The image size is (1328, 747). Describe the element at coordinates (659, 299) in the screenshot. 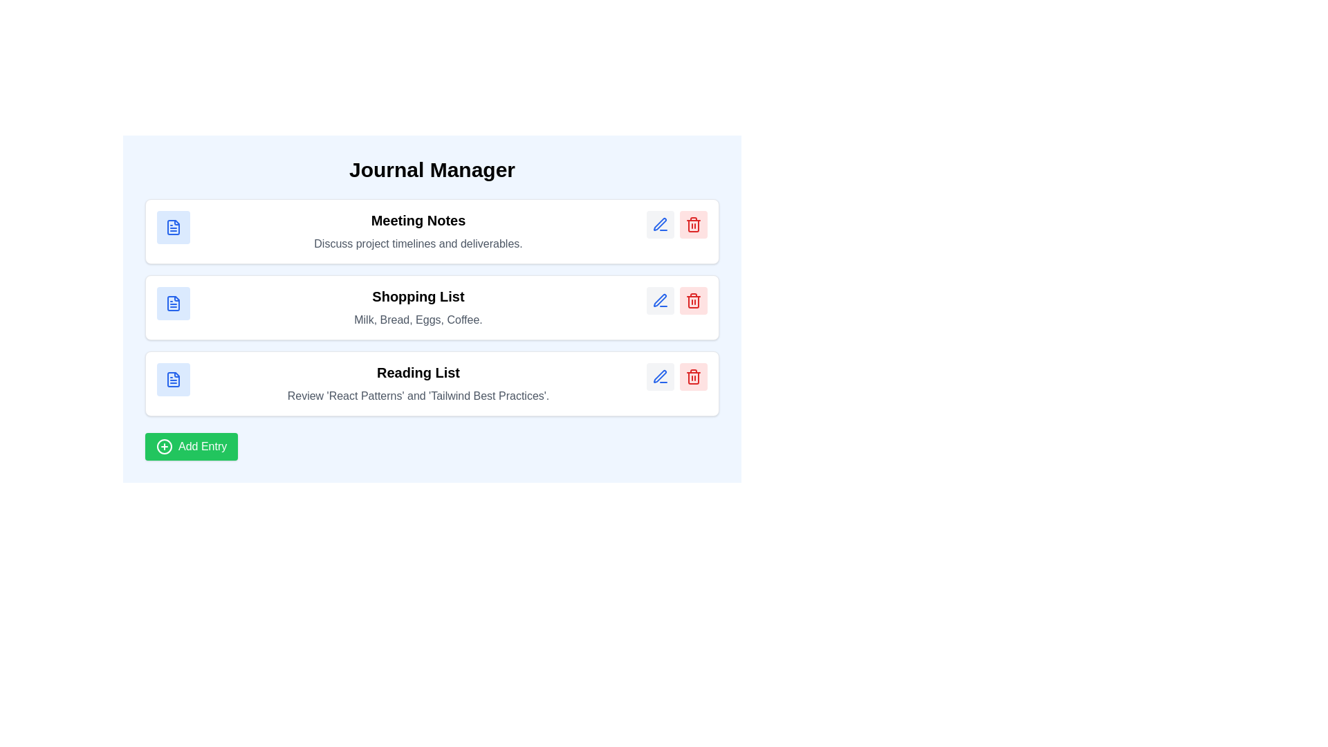

I see `the pen-shaped icon with a blue stroke color in the 'Shopping List' card to initiate editing` at that location.